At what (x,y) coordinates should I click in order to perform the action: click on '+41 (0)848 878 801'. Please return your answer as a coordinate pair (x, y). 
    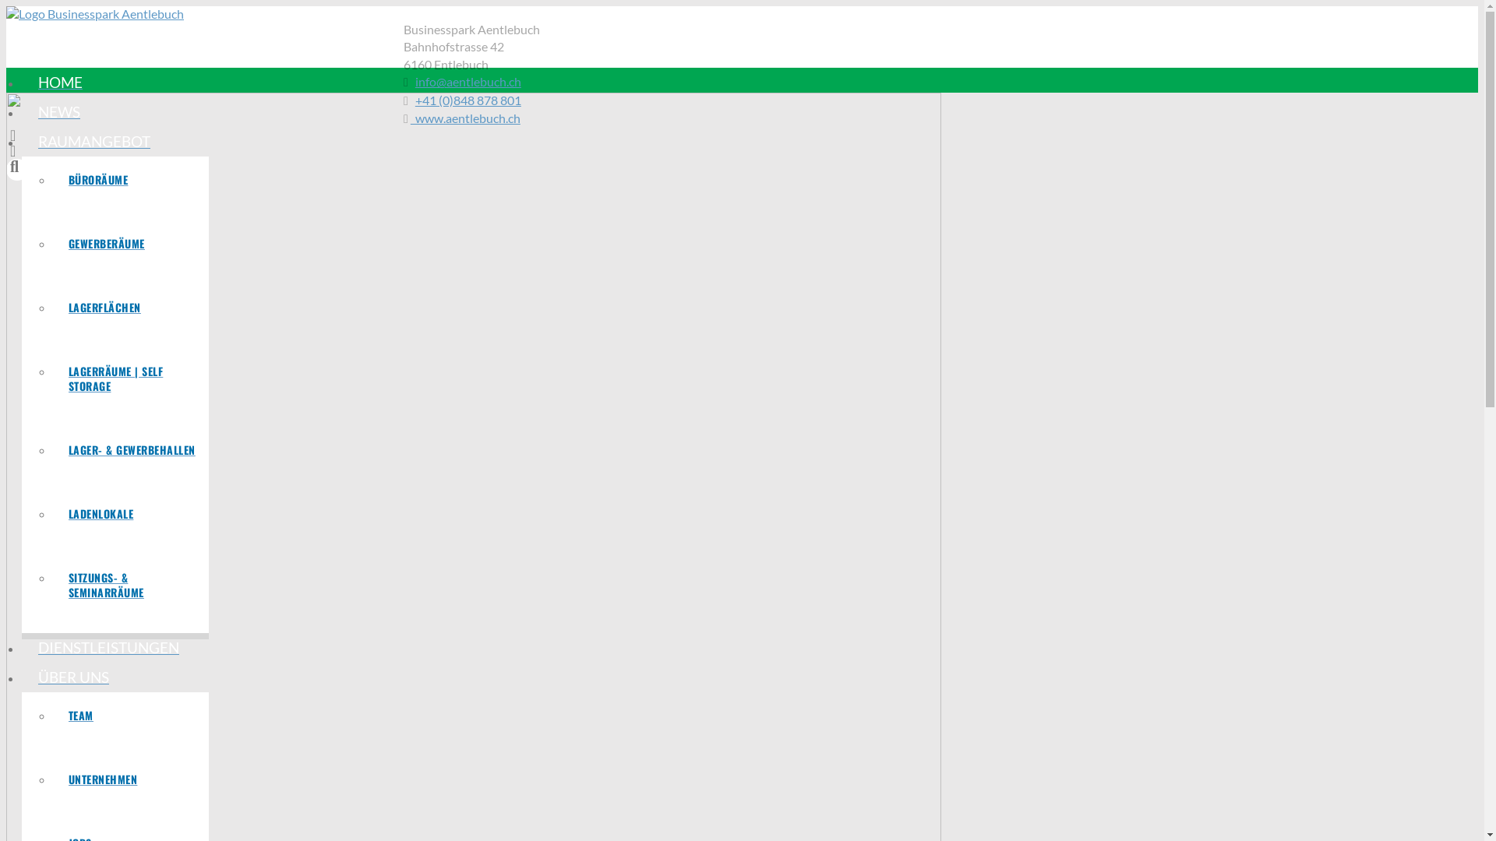
    Looking at the image, I should click on (467, 100).